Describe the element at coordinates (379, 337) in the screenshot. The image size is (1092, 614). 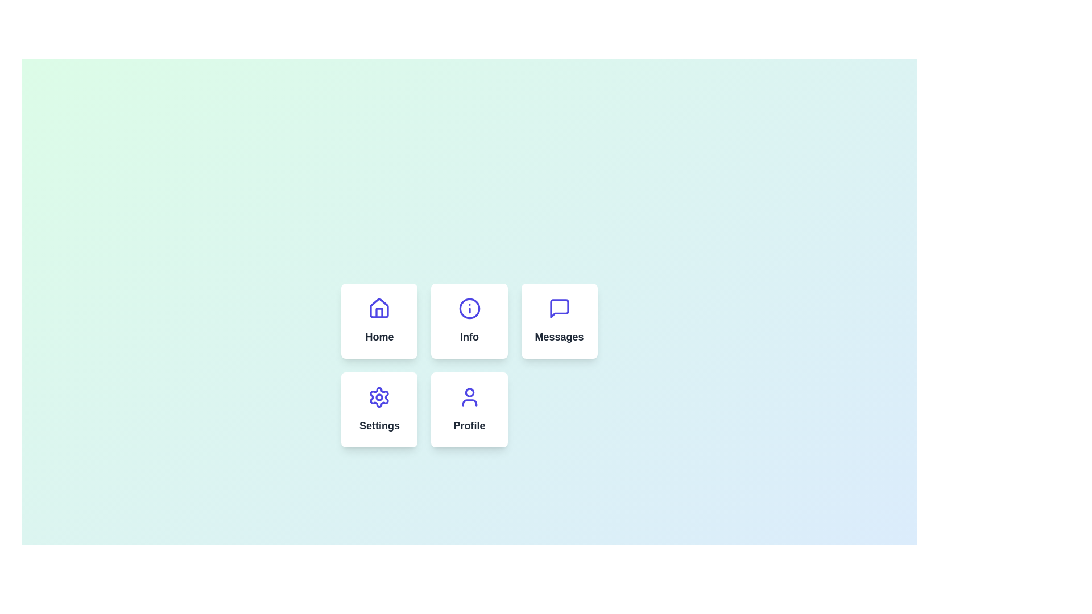
I see `text of the 'Home' label displayed in bold gray font, located below the house icon in the panel` at that location.